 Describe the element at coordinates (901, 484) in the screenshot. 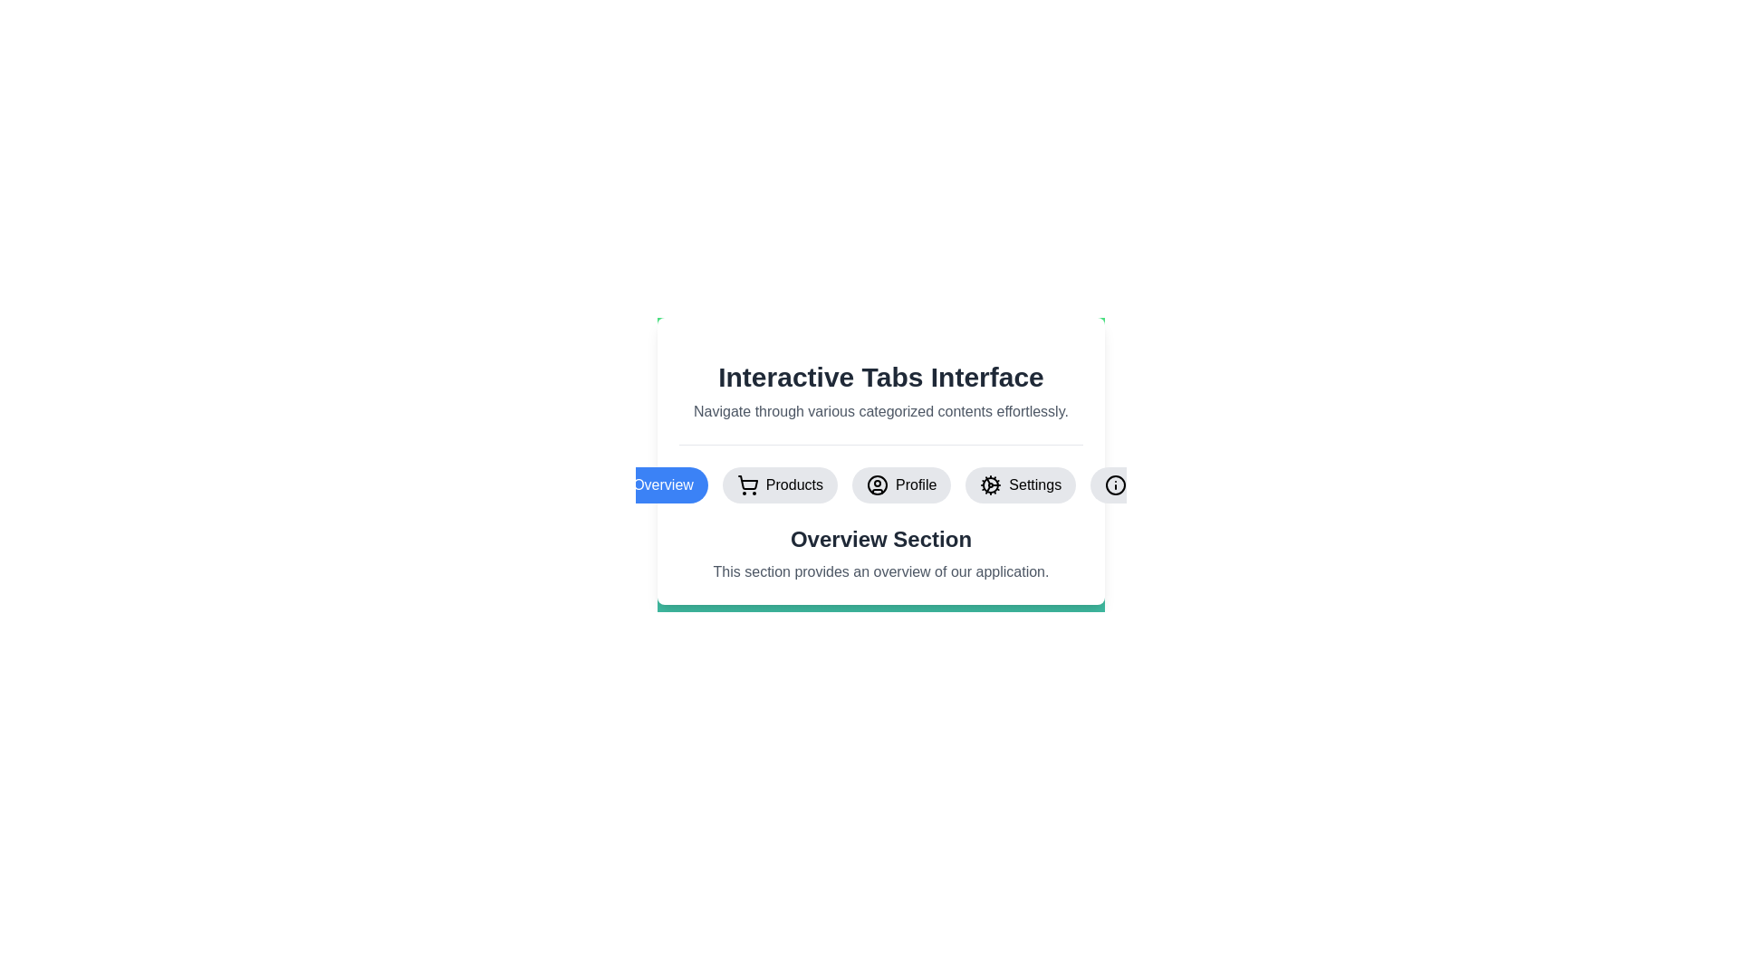

I see `the profile navigation button located` at that location.